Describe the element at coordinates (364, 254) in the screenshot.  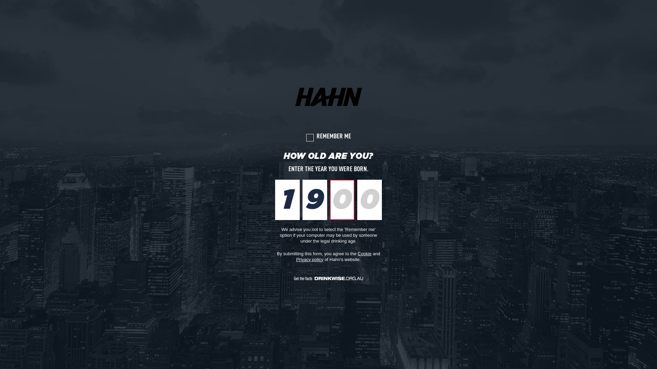
I see `'Cookie'` at that location.